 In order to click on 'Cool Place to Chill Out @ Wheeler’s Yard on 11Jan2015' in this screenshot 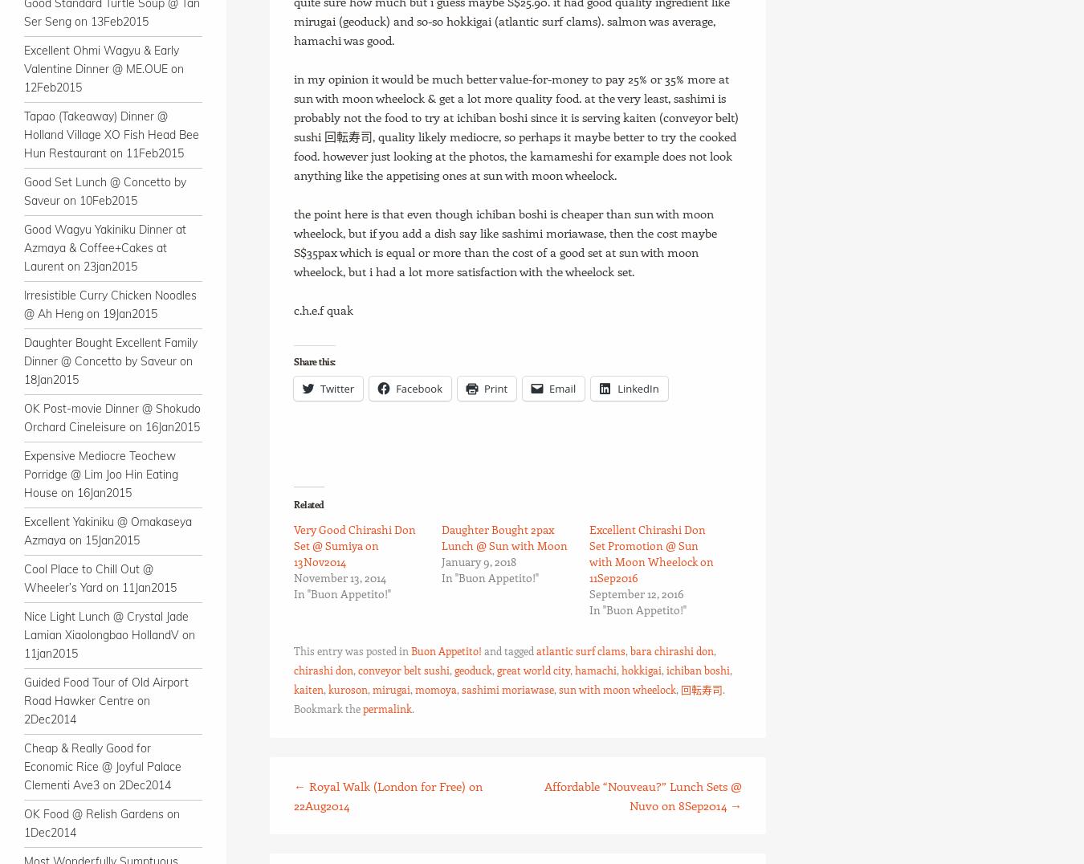, I will do `click(100, 577)`.